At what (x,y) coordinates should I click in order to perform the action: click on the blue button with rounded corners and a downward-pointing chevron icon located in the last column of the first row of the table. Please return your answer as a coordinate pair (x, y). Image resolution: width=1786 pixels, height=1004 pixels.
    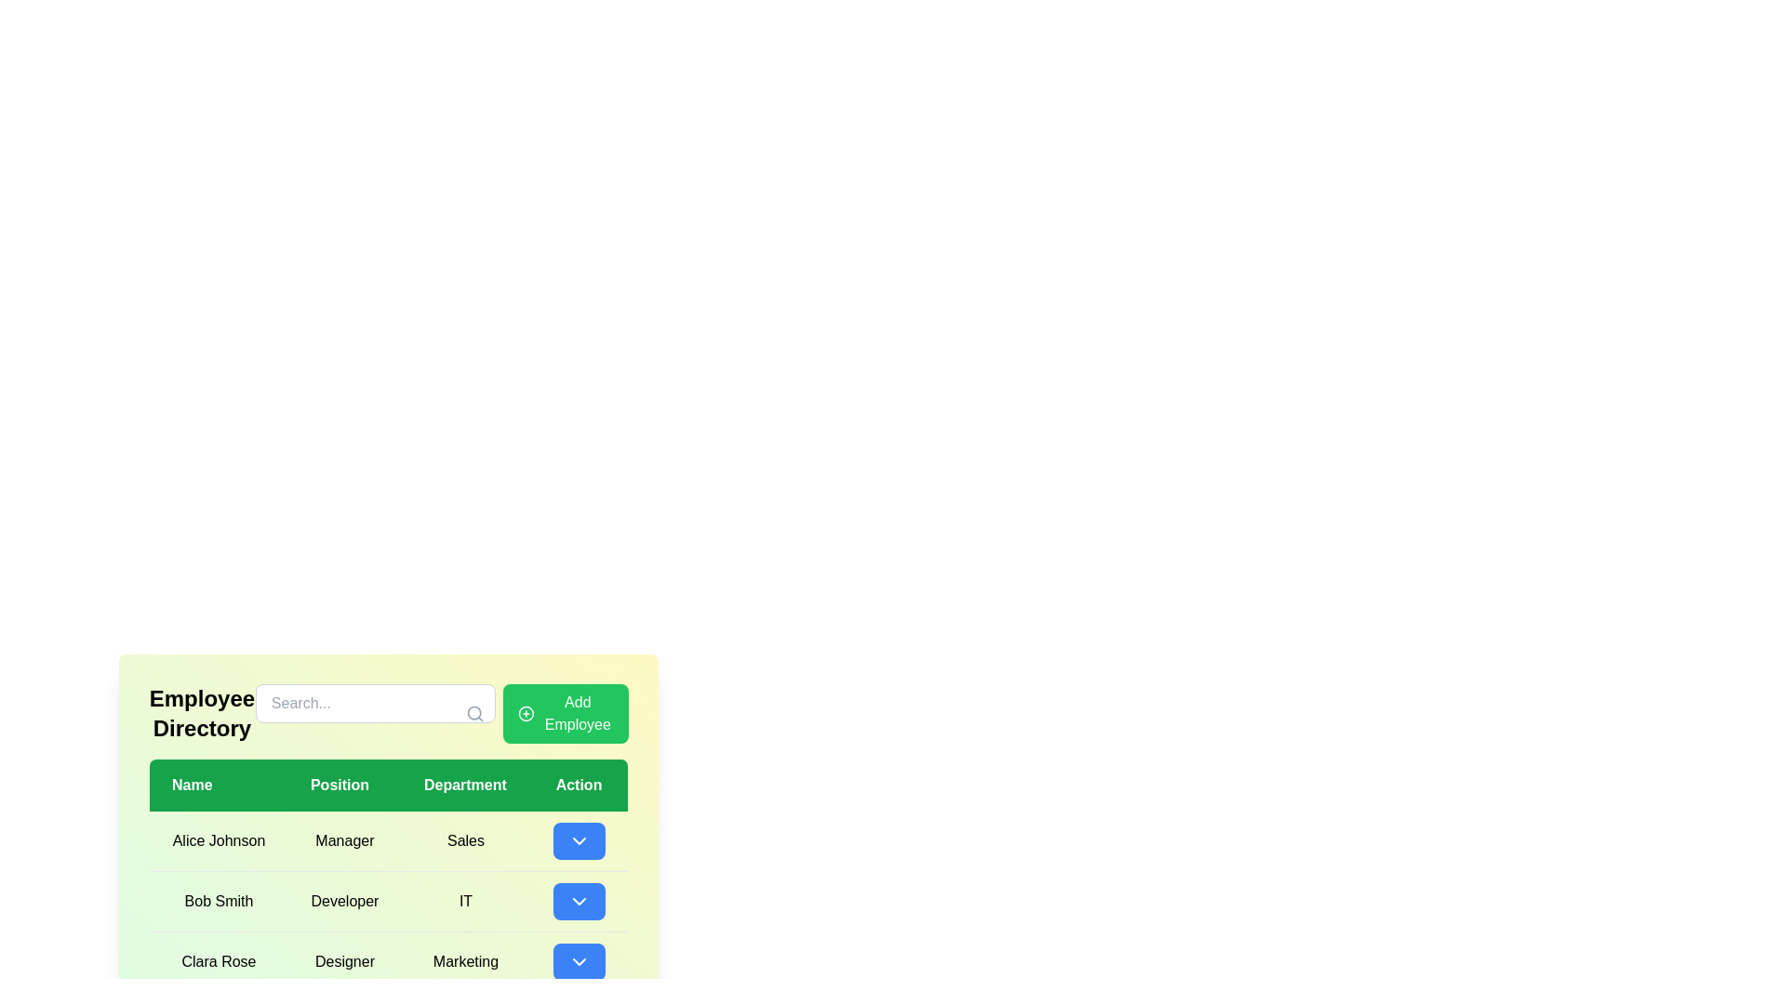
    Looking at the image, I should click on (578, 841).